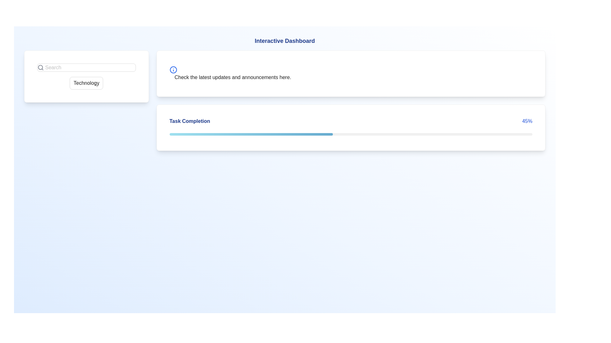 Image resolution: width=611 pixels, height=343 pixels. Describe the element at coordinates (350, 133) in the screenshot. I see `the horizontal progress bar with a gradient fill that represents 45% progress, located within the white card titled 'Task Completion'` at that location.